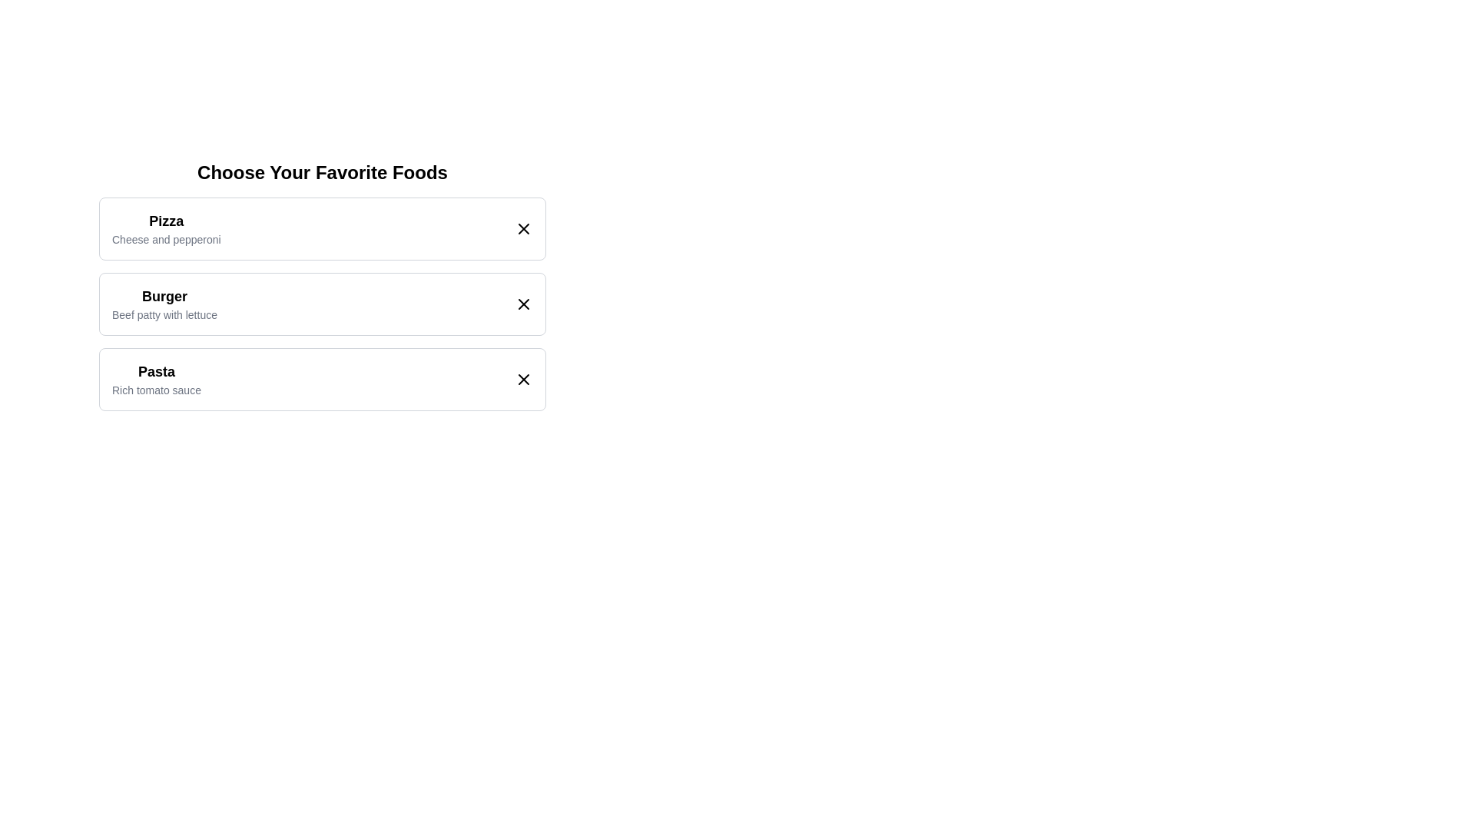 The width and height of the screenshot is (1475, 830). Describe the element at coordinates (523, 228) in the screenshot. I see `the diagonal cross icon located in the top-right corner of the list item labeled 'Pizza' to interact with it` at that location.